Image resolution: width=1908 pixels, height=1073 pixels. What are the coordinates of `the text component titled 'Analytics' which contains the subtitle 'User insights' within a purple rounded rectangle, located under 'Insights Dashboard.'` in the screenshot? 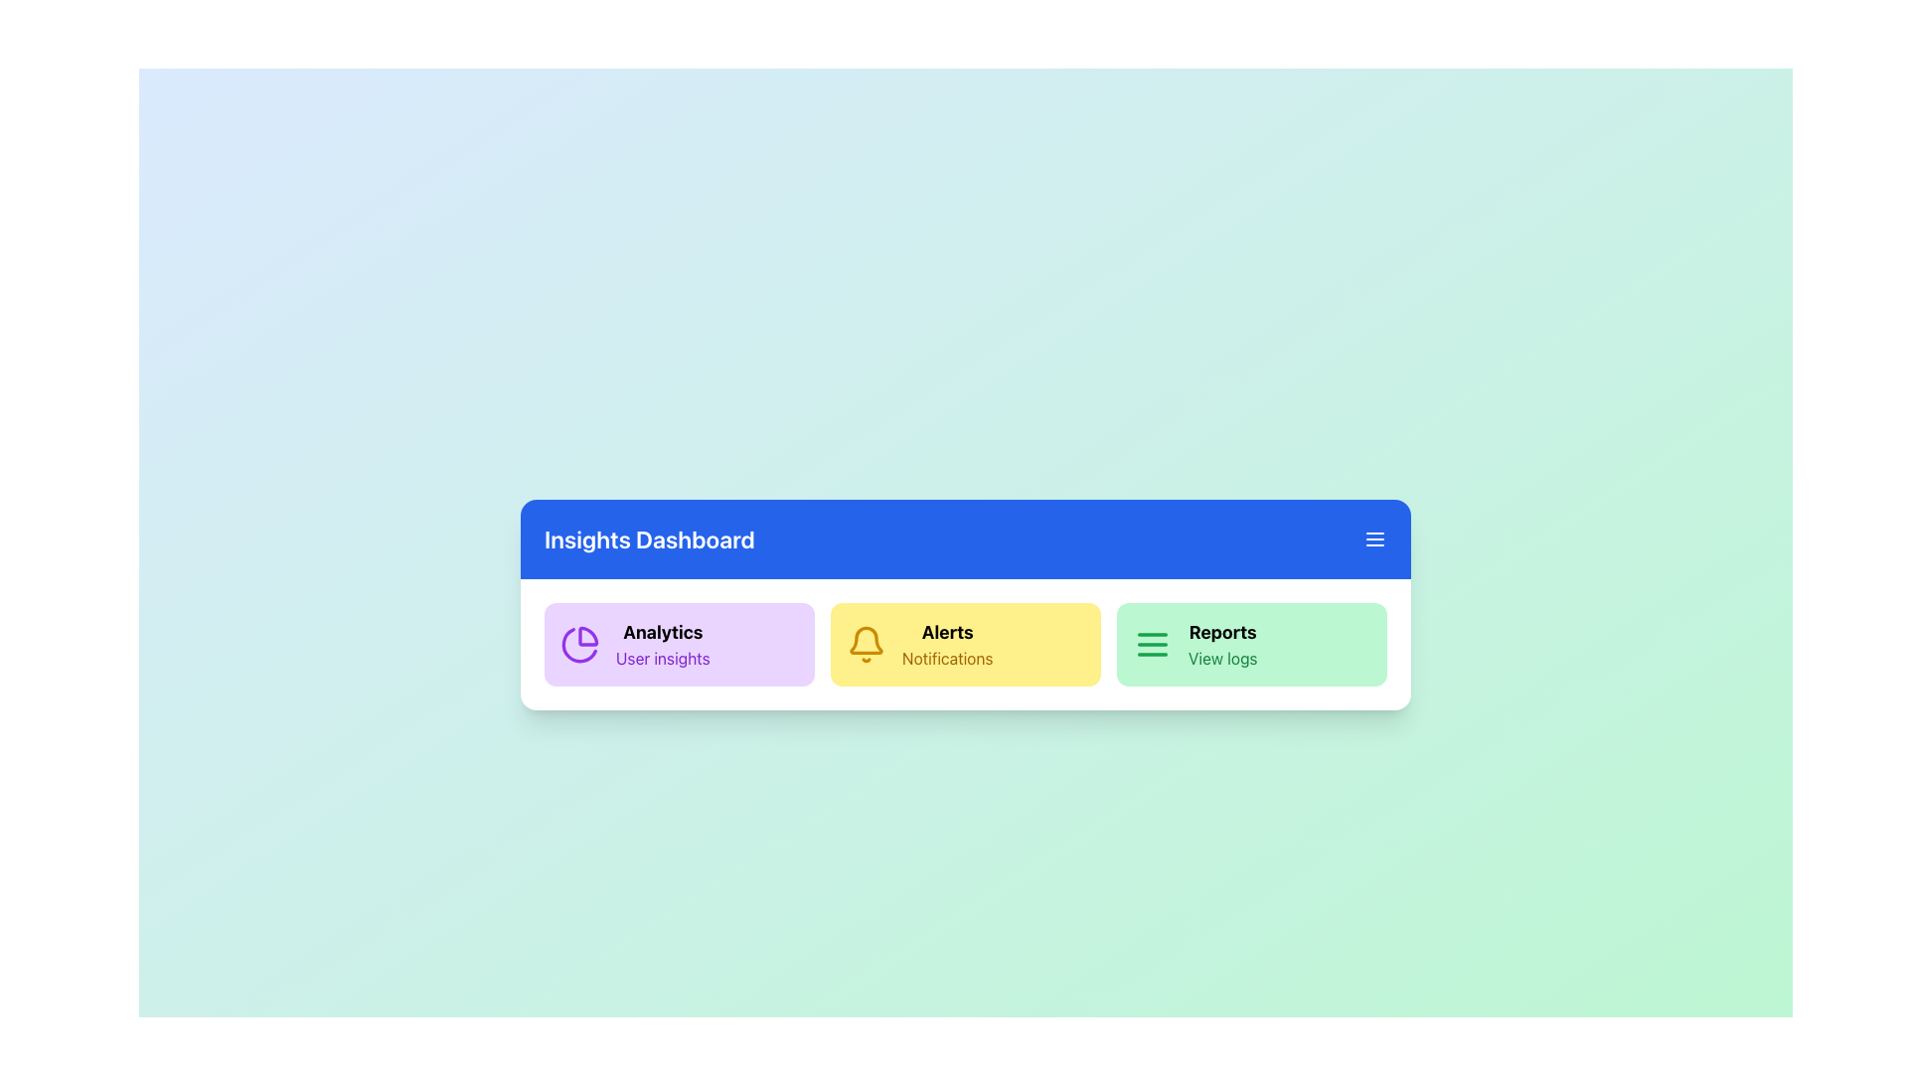 It's located at (663, 644).